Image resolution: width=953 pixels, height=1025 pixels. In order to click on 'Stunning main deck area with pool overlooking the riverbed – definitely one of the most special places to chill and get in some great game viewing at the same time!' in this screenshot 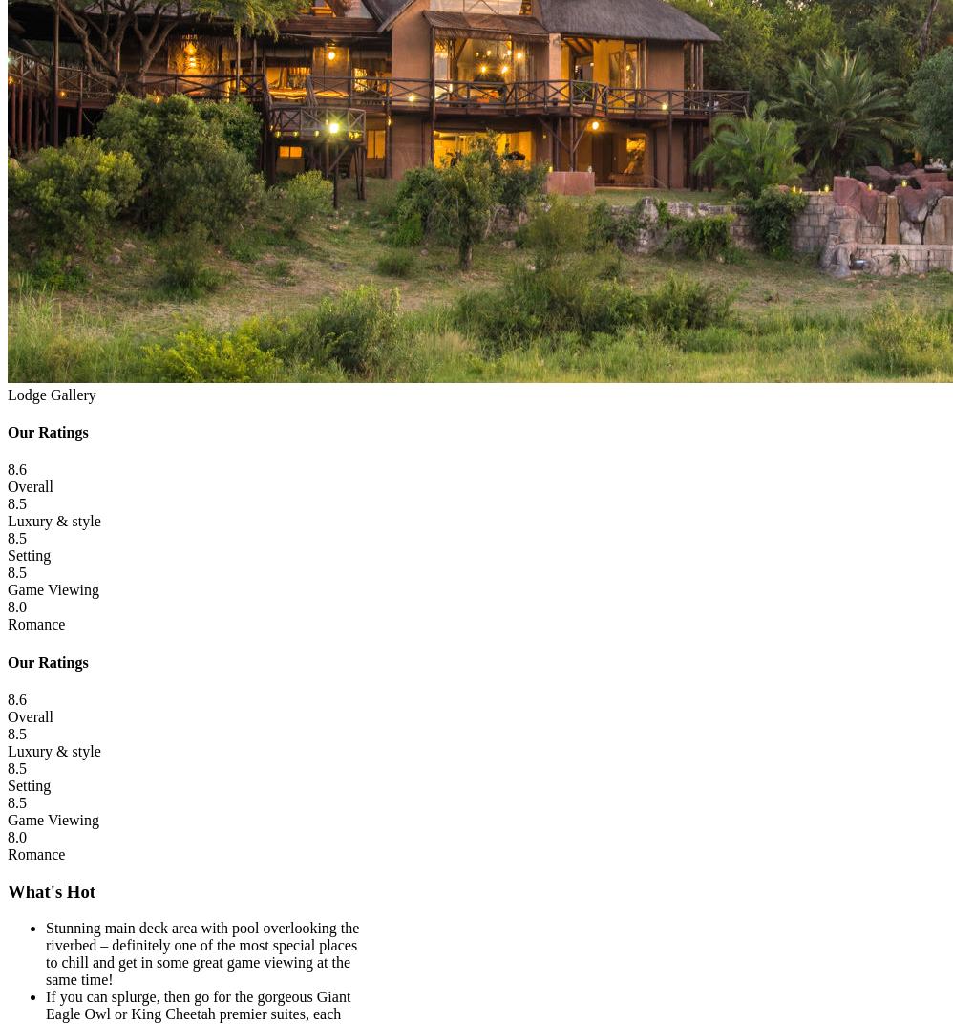, I will do `click(201, 952)`.